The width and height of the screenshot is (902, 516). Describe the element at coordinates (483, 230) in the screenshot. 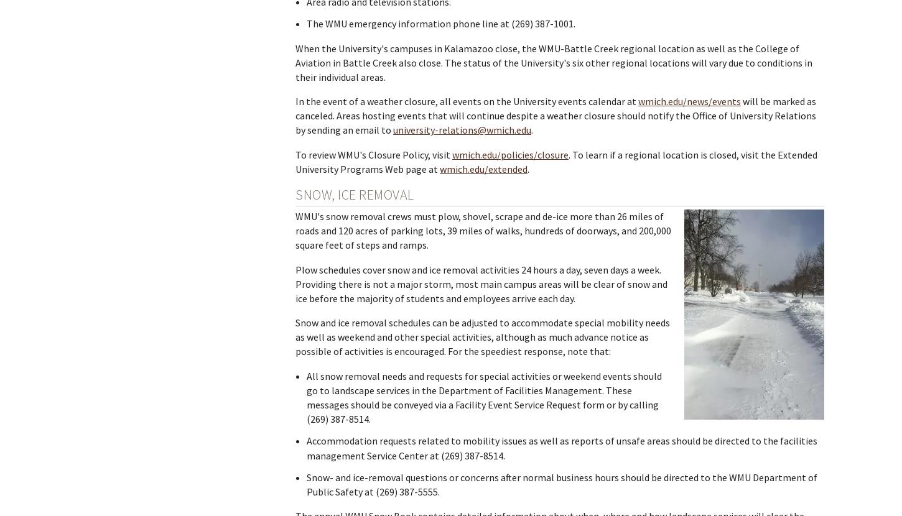

I see `'WMU's snow removal crews must plow, shovel, scrape and de-ice more than 26 miles of roads and 120 acres of parking lots, 39 miles of walks, hundreds of doorways, and 200,000 square feet of steps and ramps.'` at that location.